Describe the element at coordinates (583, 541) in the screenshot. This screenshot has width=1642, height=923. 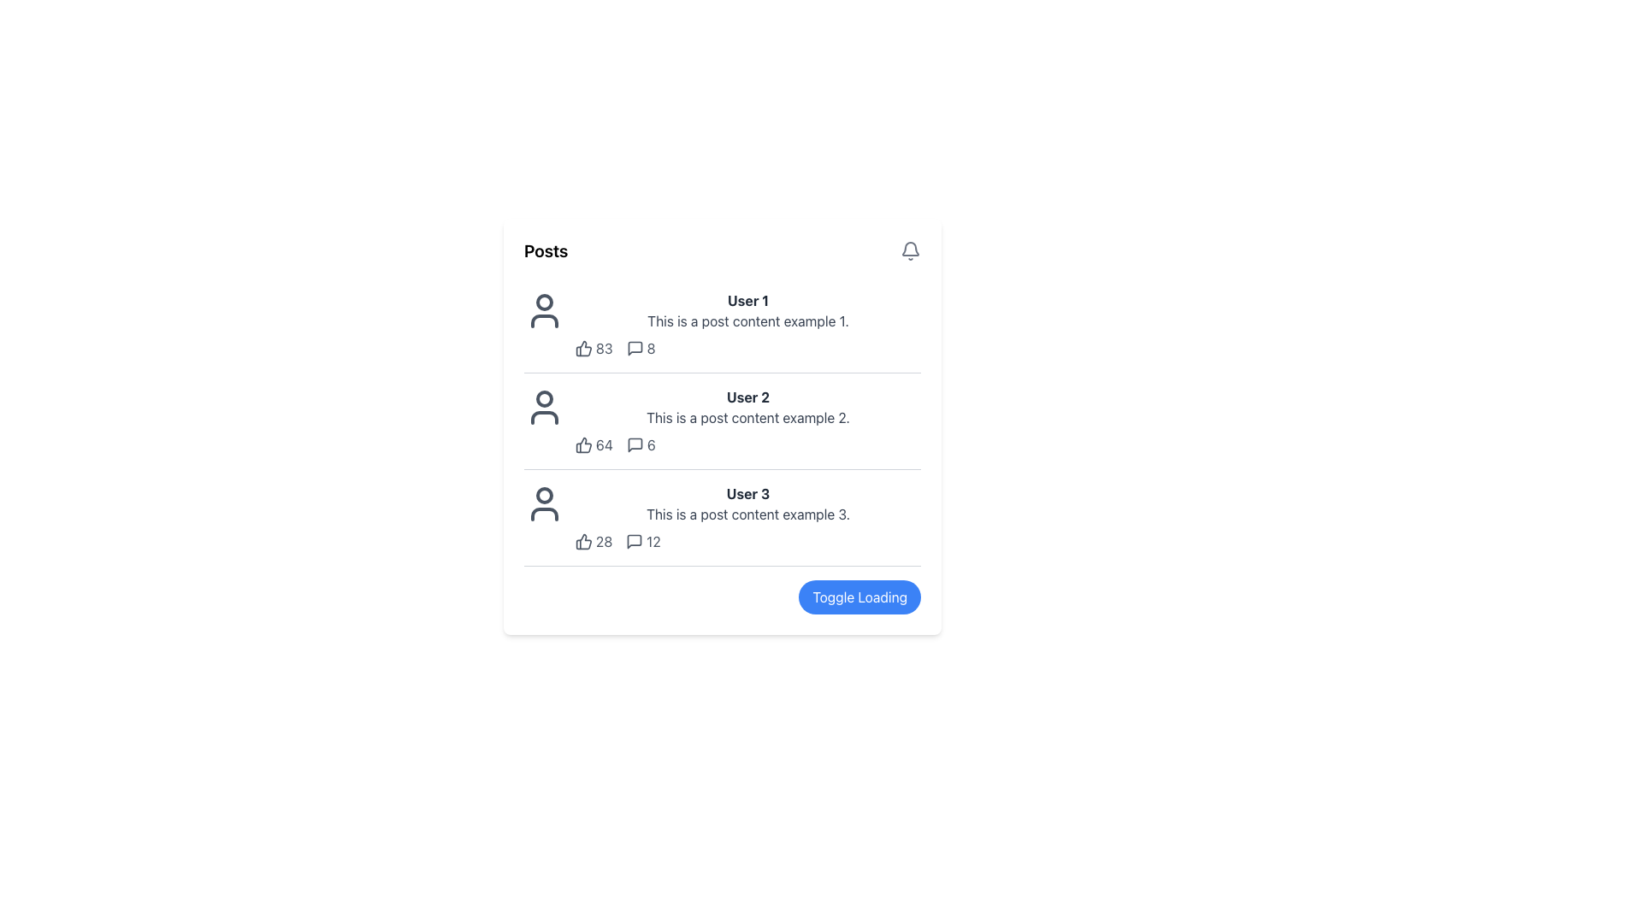
I see `the thumbs-up icon button located next to the likes count '28' for the post by 'User 3' to like the post` at that location.